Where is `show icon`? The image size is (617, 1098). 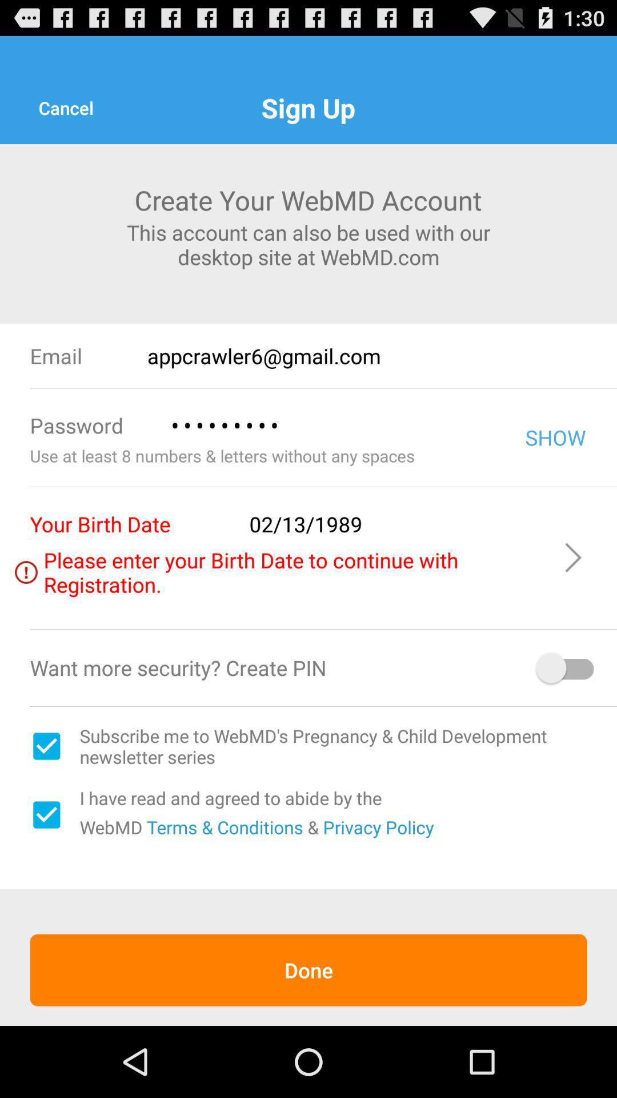 show icon is located at coordinates (555, 436).